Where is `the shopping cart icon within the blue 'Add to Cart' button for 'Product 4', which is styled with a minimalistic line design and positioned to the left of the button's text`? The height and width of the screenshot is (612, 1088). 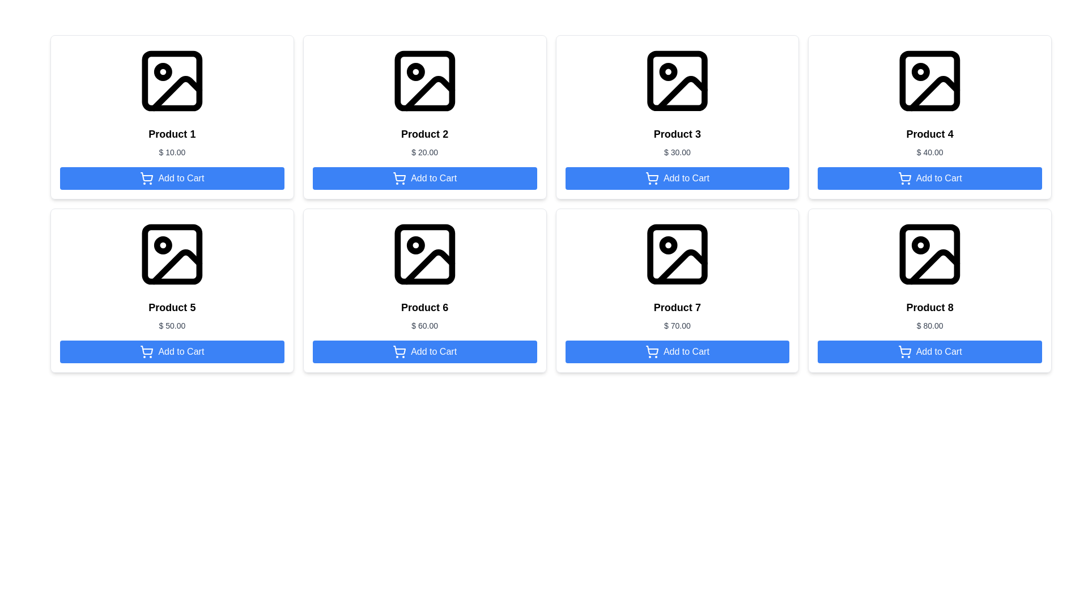 the shopping cart icon within the blue 'Add to Cart' button for 'Product 4', which is styled with a minimalistic line design and positioned to the left of the button's text is located at coordinates (904, 178).